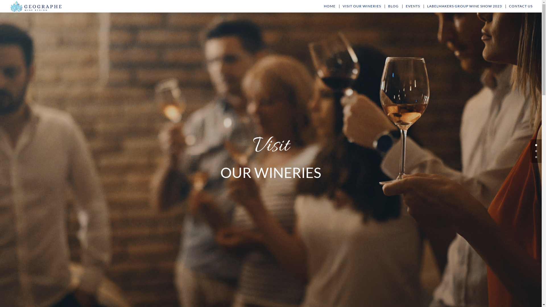 The image size is (546, 307). Describe the element at coordinates (413, 8) in the screenshot. I see `'EVENTS'` at that location.